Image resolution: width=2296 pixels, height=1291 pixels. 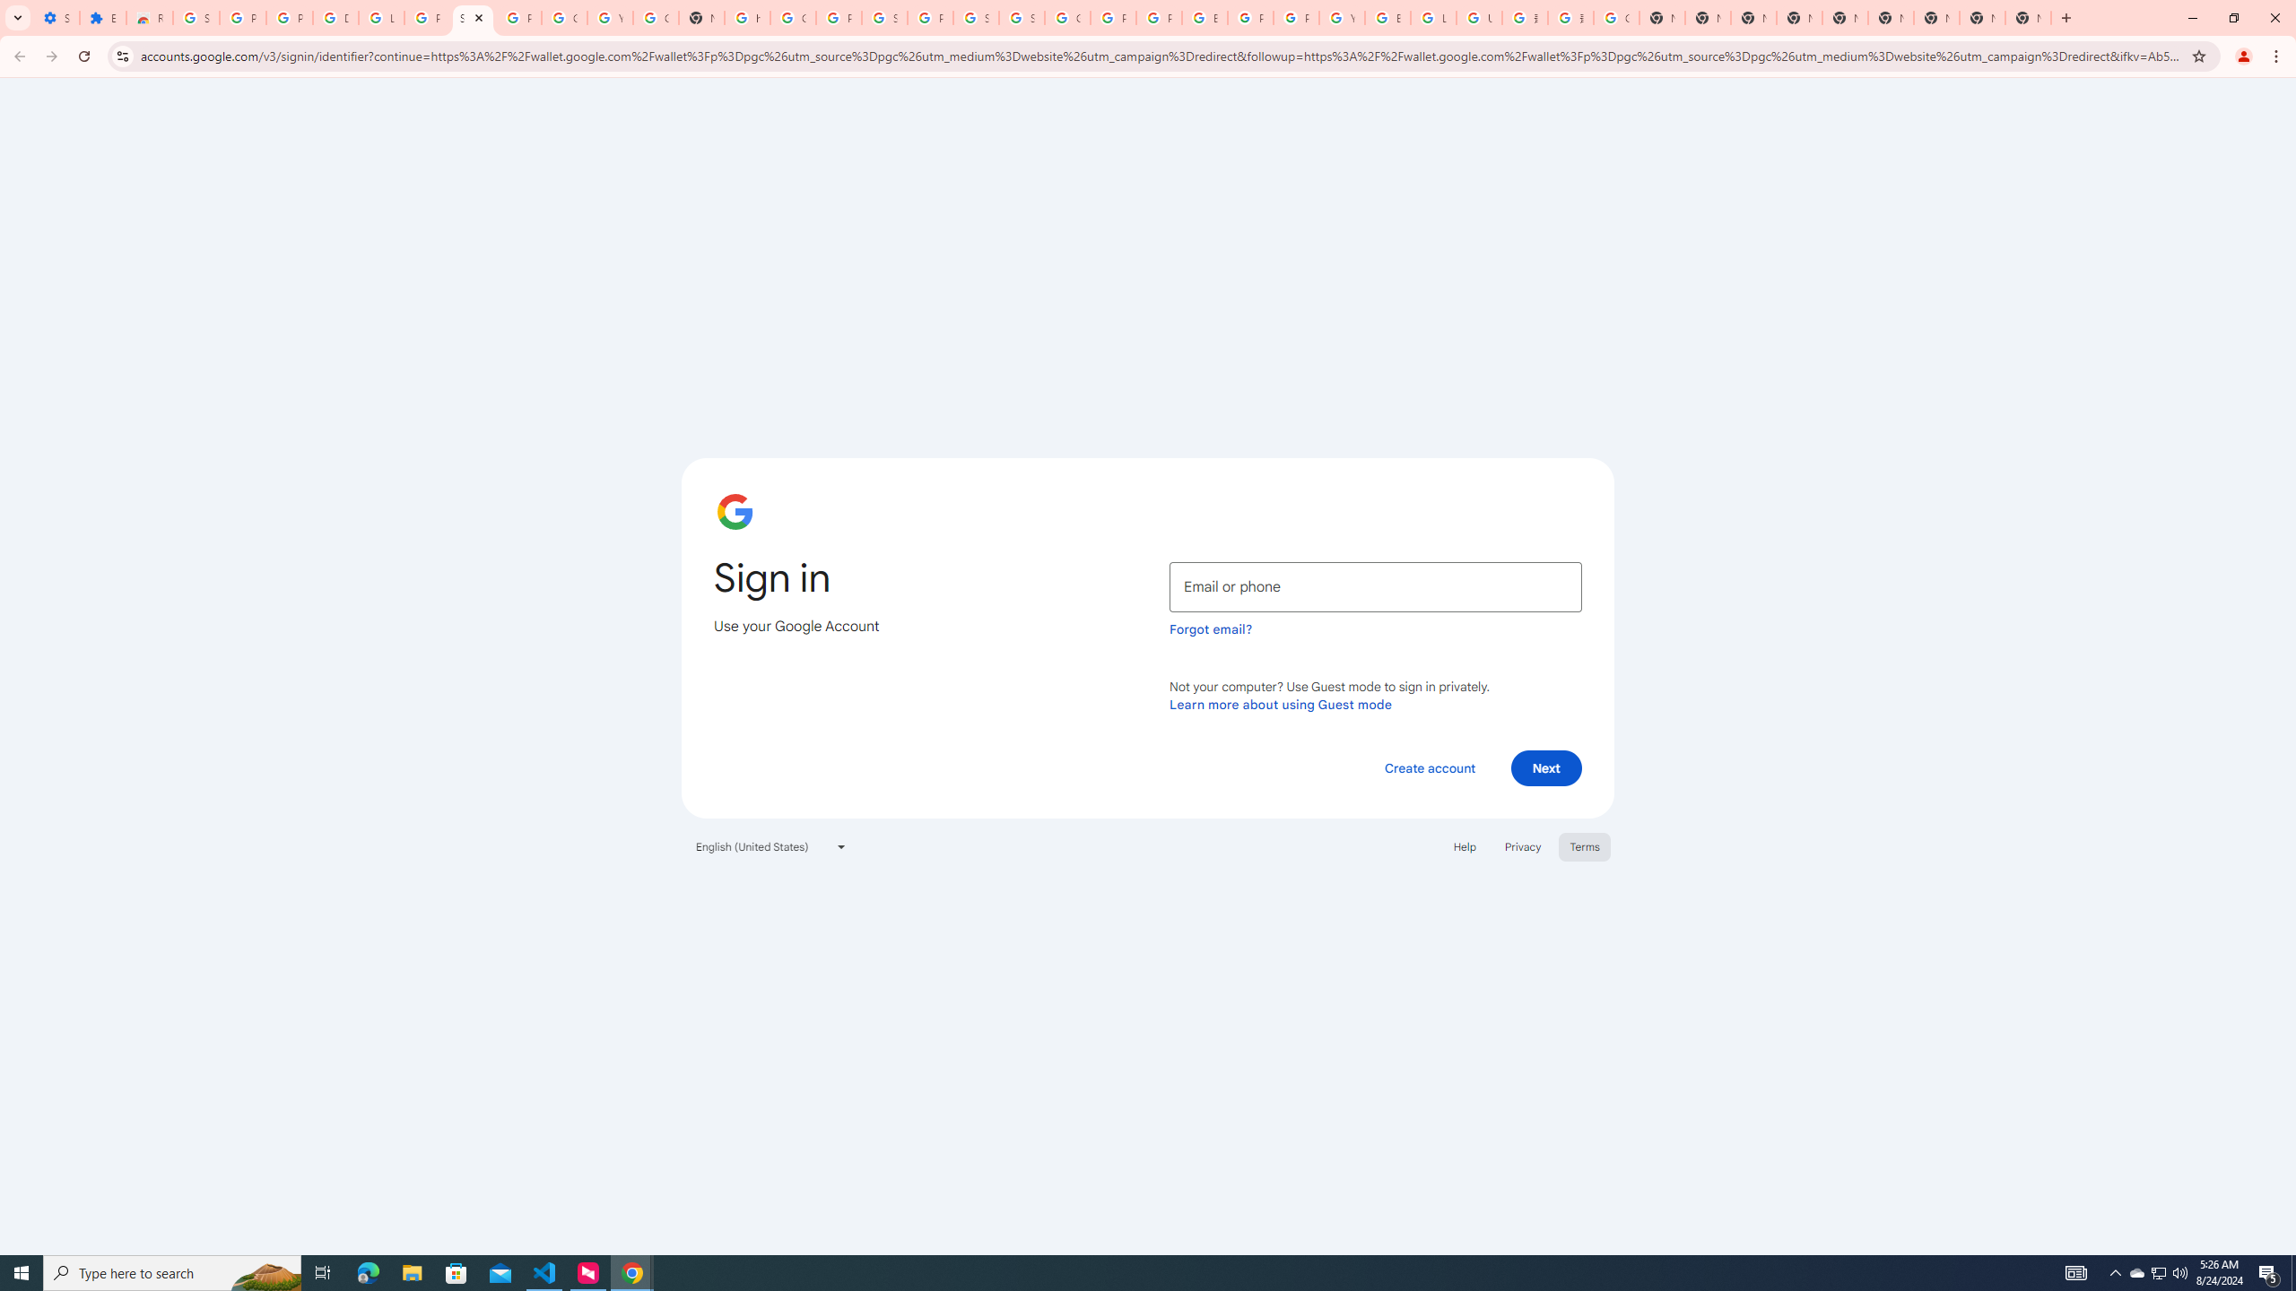 What do you see at coordinates (102, 17) in the screenshot?
I see `'Extensions'` at bounding box center [102, 17].